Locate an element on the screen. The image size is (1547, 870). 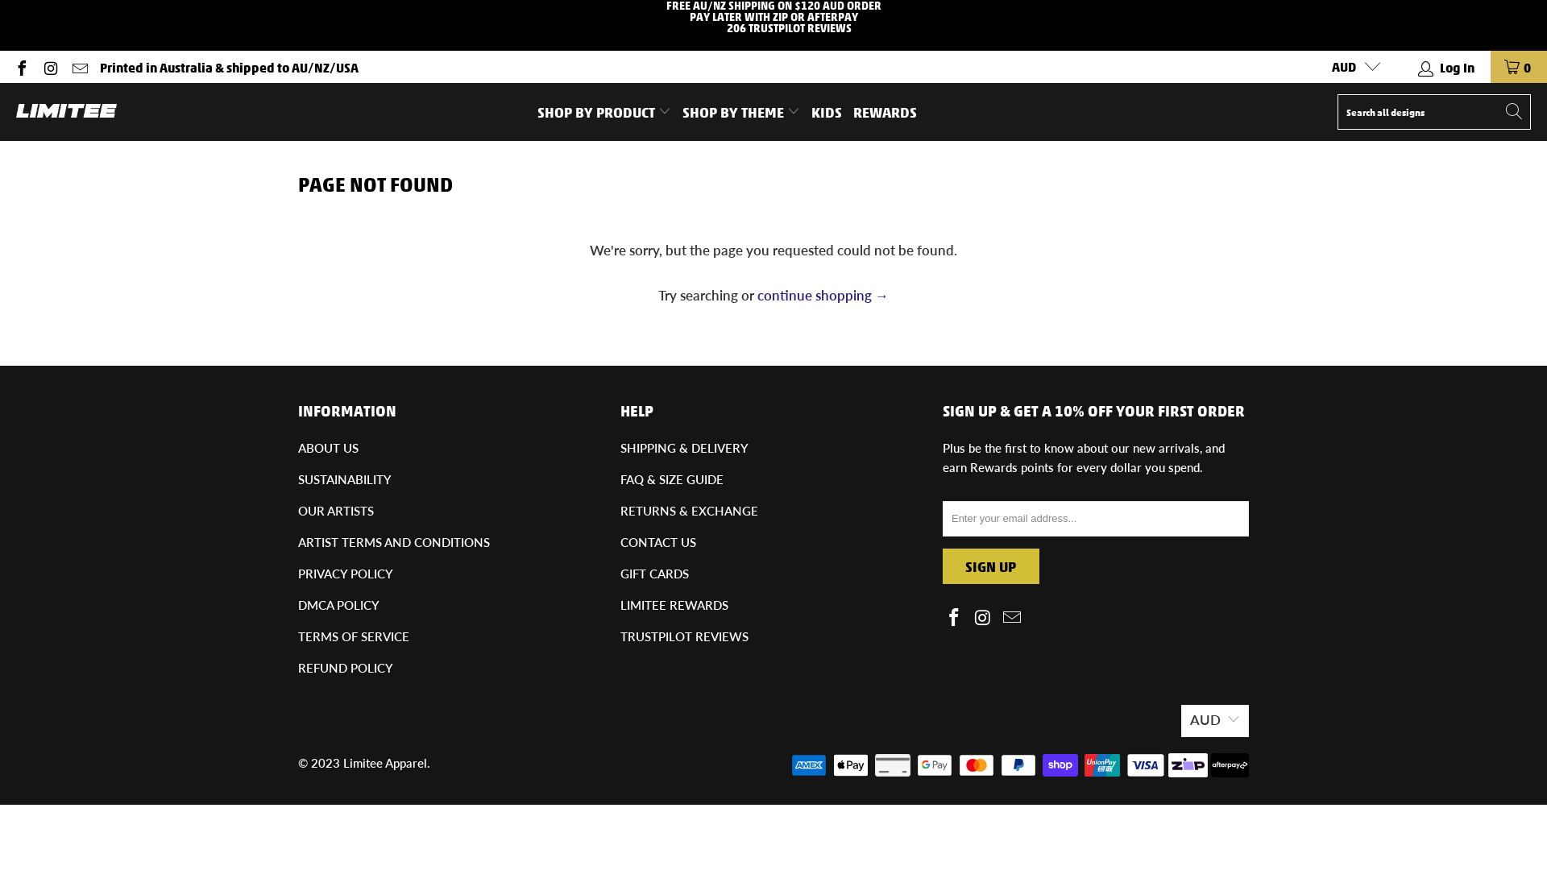
'ARTIST TERMS AND CONDITIONS' is located at coordinates (297, 541).